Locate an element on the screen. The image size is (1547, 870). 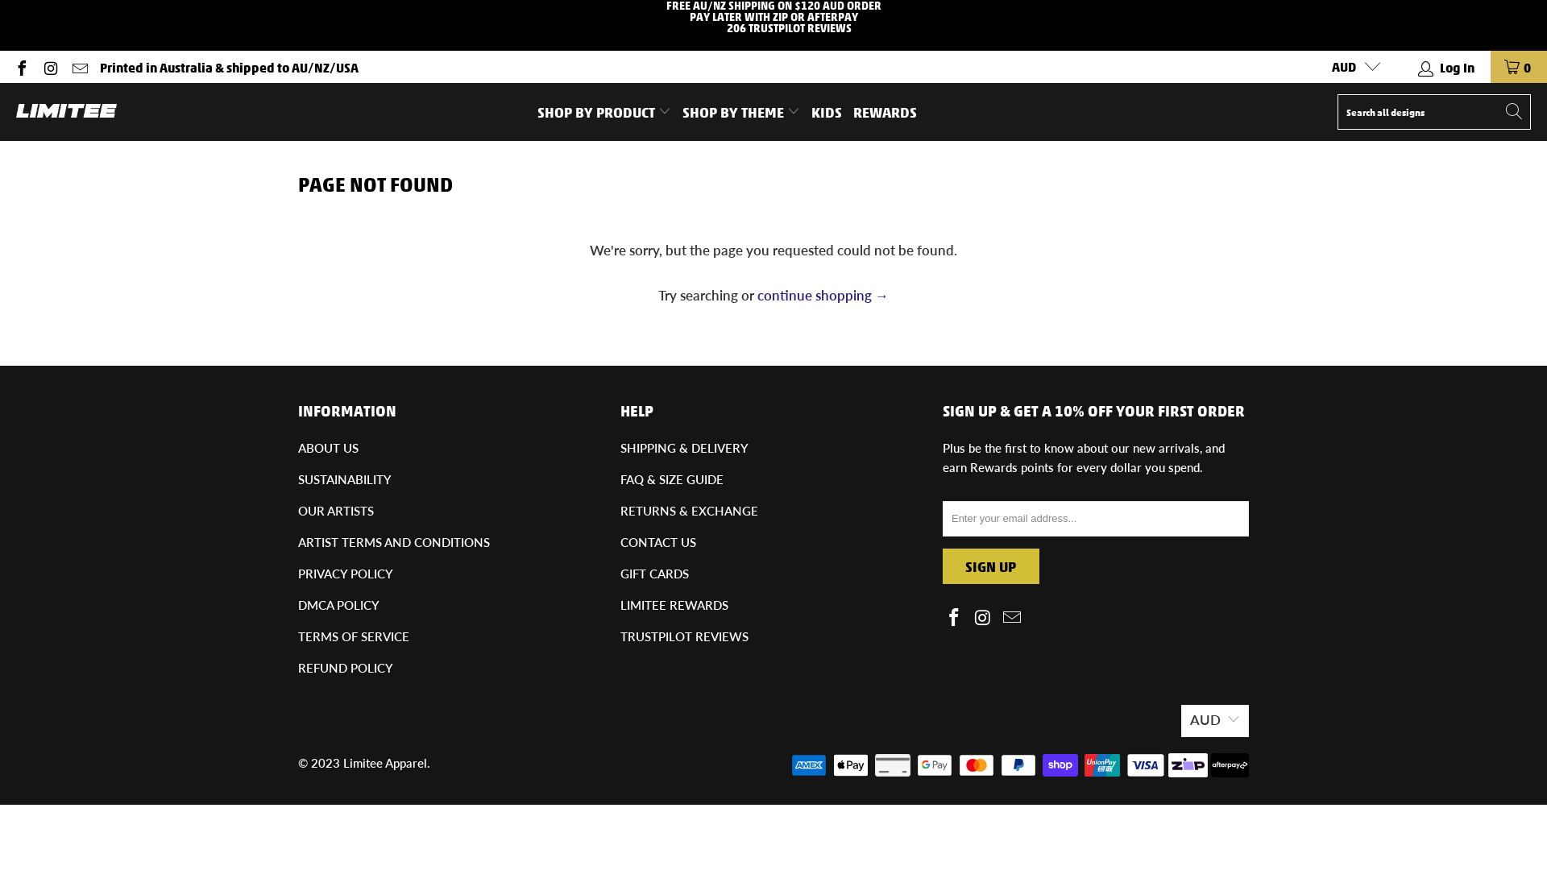
'ARTIST TERMS AND CONDITIONS' is located at coordinates (297, 541).